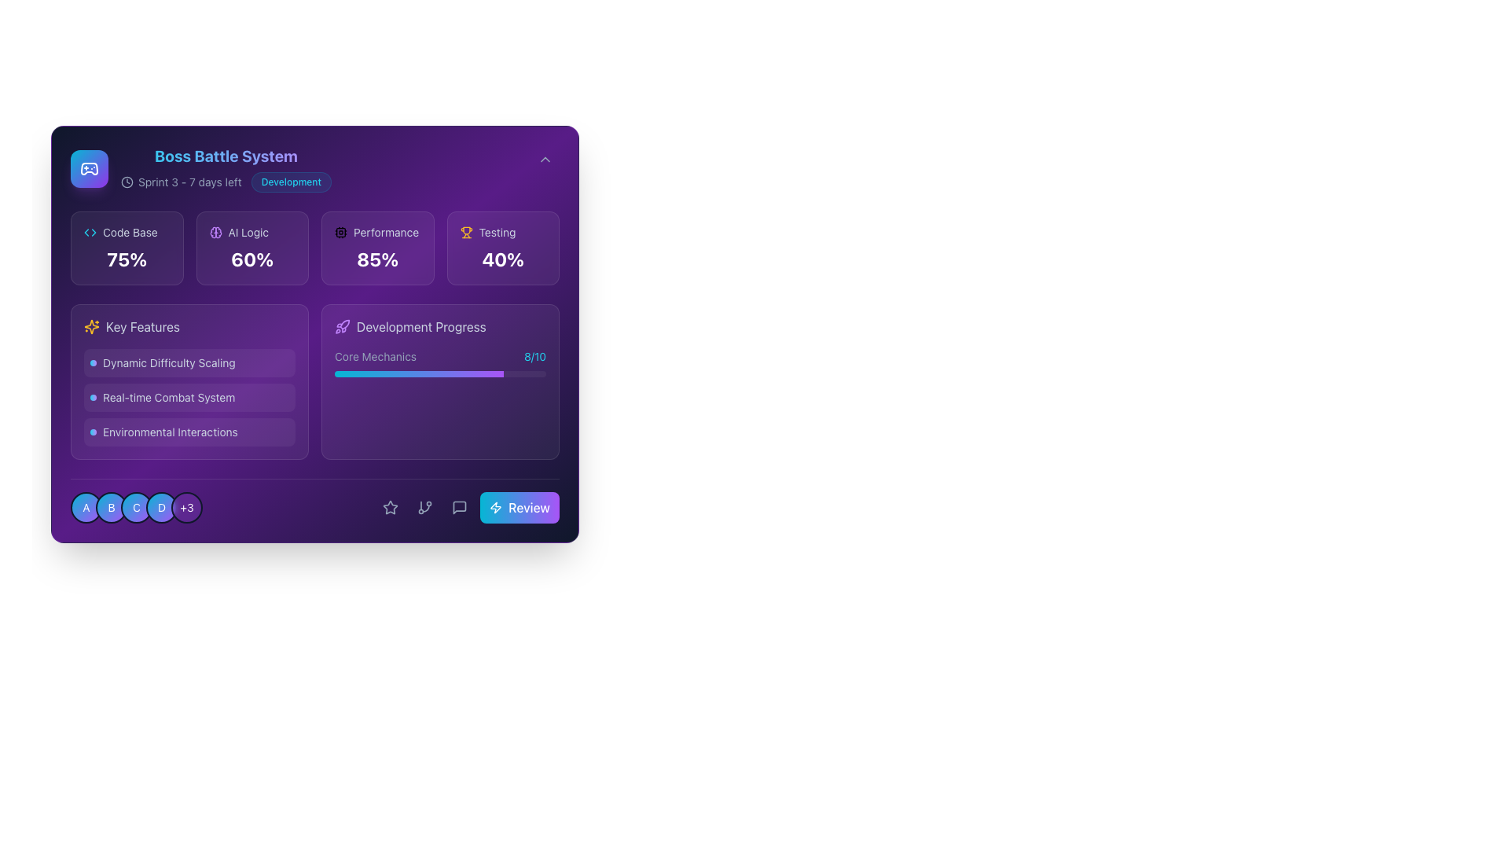  I want to click on the 'Real-time Combat System' text label, so click(189, 396).